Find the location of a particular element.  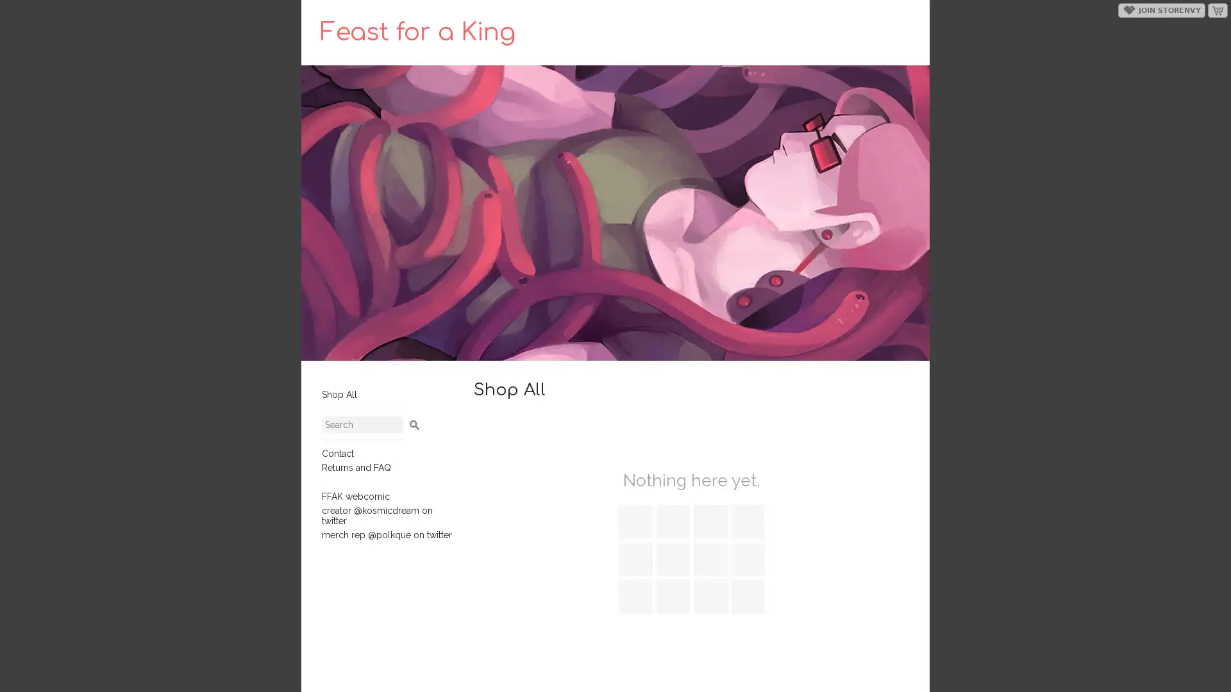

Search is located at coordinates (414, 422).